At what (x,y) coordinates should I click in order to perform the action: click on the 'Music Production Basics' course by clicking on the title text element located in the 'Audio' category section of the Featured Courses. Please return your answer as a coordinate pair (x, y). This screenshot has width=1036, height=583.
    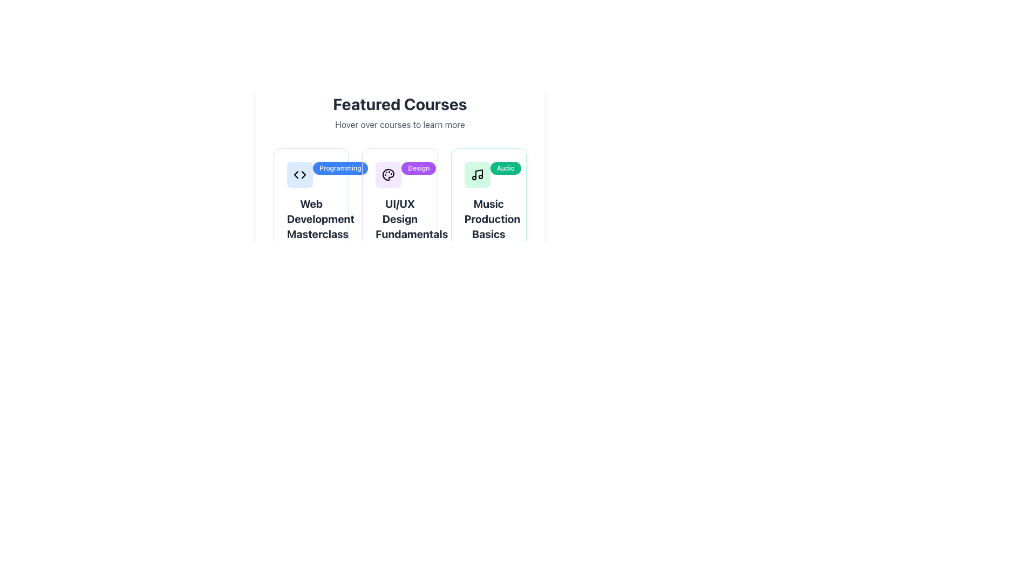
    Looking at the image, I should click on (488, 219).